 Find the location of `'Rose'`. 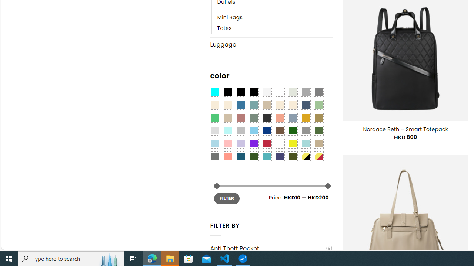

'Rose' is located at coordinates (241, 117).